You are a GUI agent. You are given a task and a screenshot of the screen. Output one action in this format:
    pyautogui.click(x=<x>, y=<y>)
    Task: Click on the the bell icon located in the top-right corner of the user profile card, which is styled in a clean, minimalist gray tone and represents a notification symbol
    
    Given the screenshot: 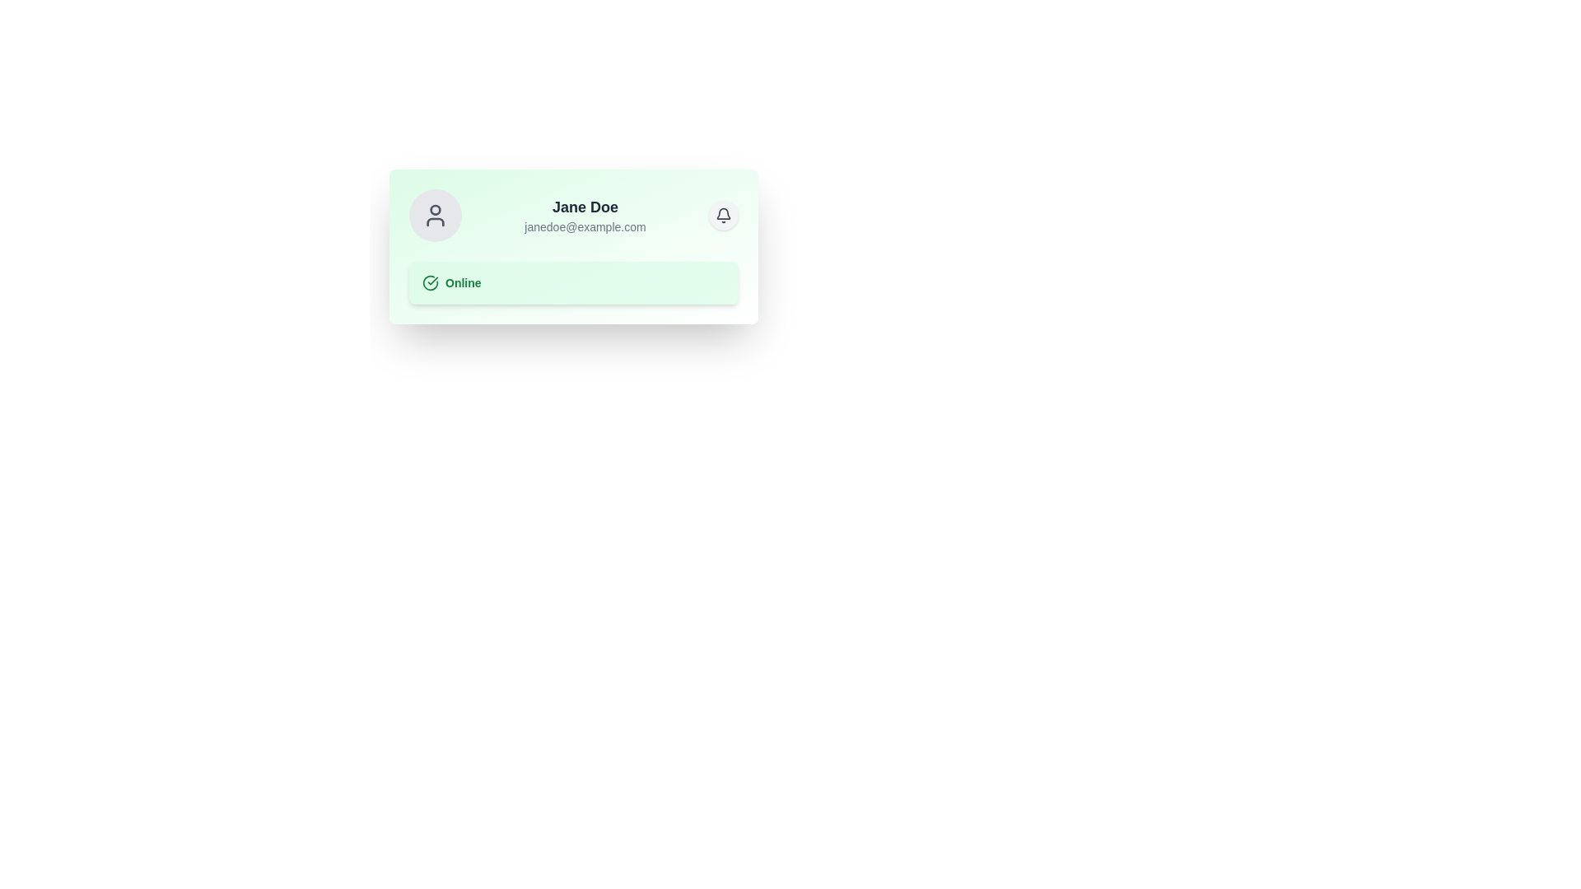 What is the action you would take?
    pyautogui.click(x=723, y=212)
    